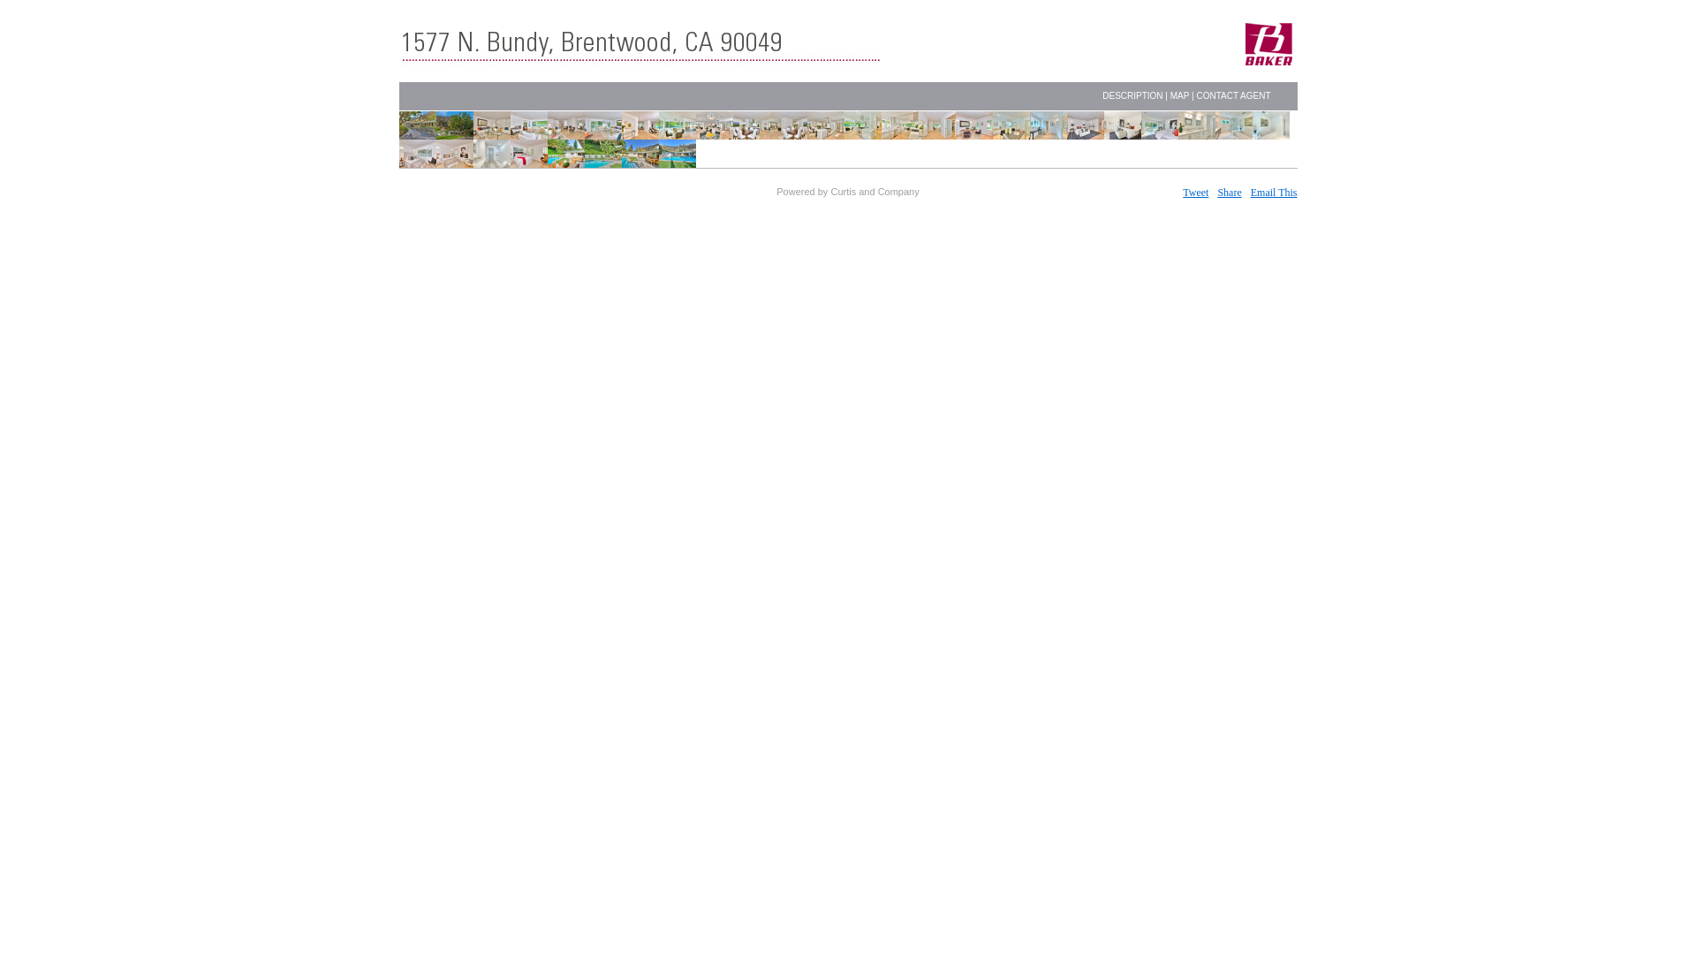 This screenshot has height=954, width=1696. Describe the element at coordinates (1215, 193) in the screenshot. I see `'Share'` at that location.